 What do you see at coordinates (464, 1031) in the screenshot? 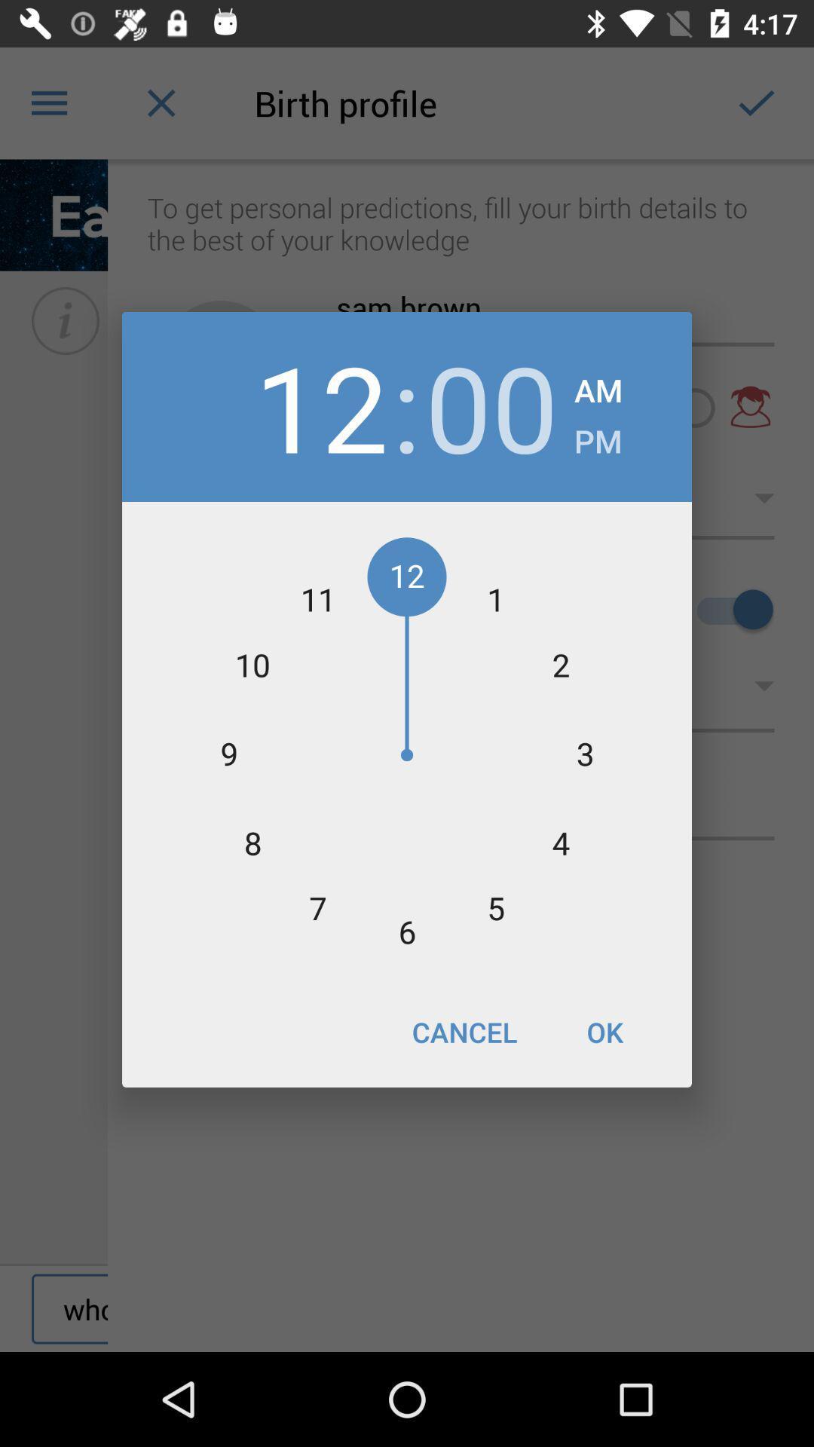
I see `the cancel` at bounding box center [464, 1031].